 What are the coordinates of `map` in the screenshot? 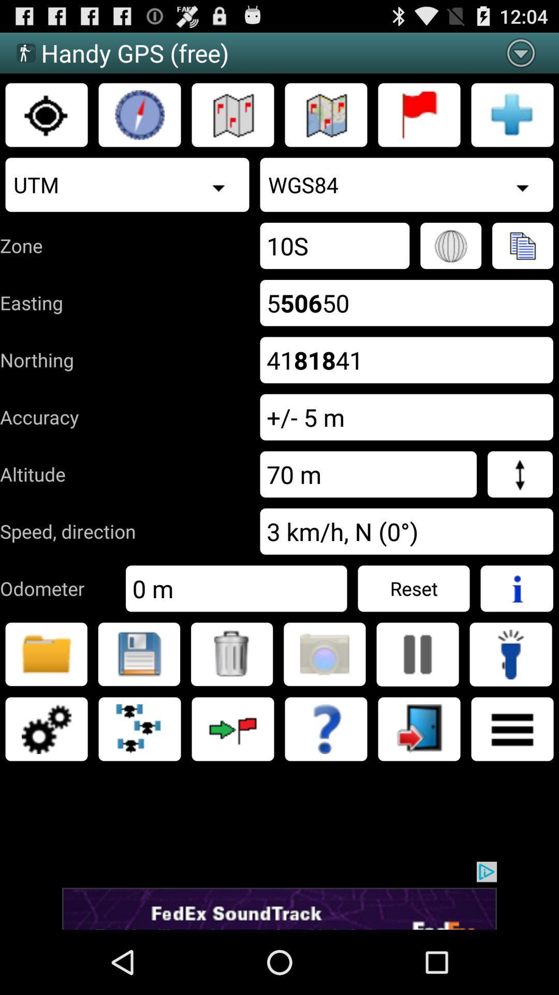 It's located at (233, 115).